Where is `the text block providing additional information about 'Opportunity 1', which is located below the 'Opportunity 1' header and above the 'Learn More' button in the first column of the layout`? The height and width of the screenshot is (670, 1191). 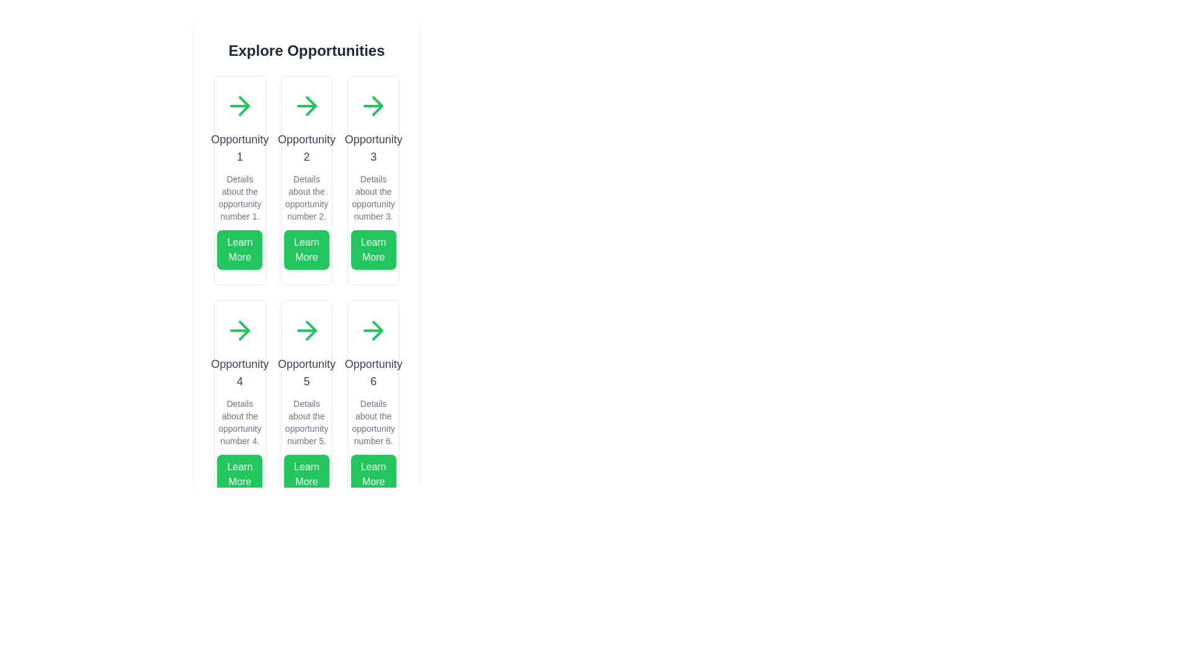 the text block providing additional information about 'Opportunity 1', which is located below the 'Opportunity 1' header and above the 'Learn More' button in the first column of the layout is located at coordinates (239, 197).